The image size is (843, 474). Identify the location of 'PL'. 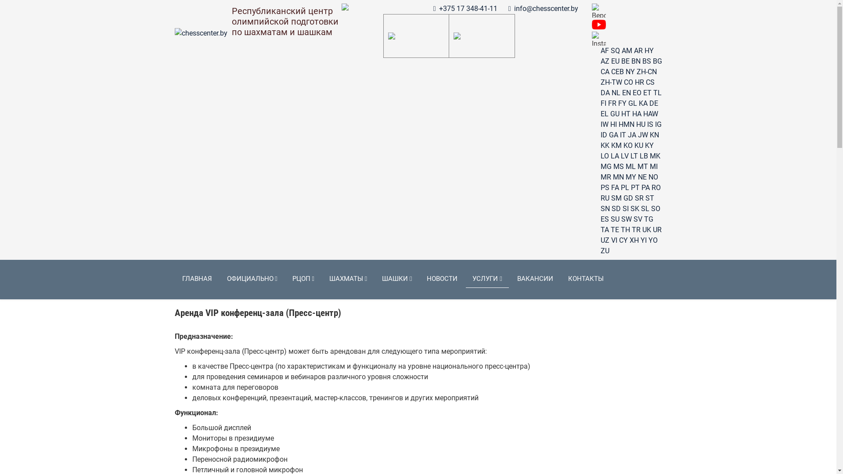
(620, 187).